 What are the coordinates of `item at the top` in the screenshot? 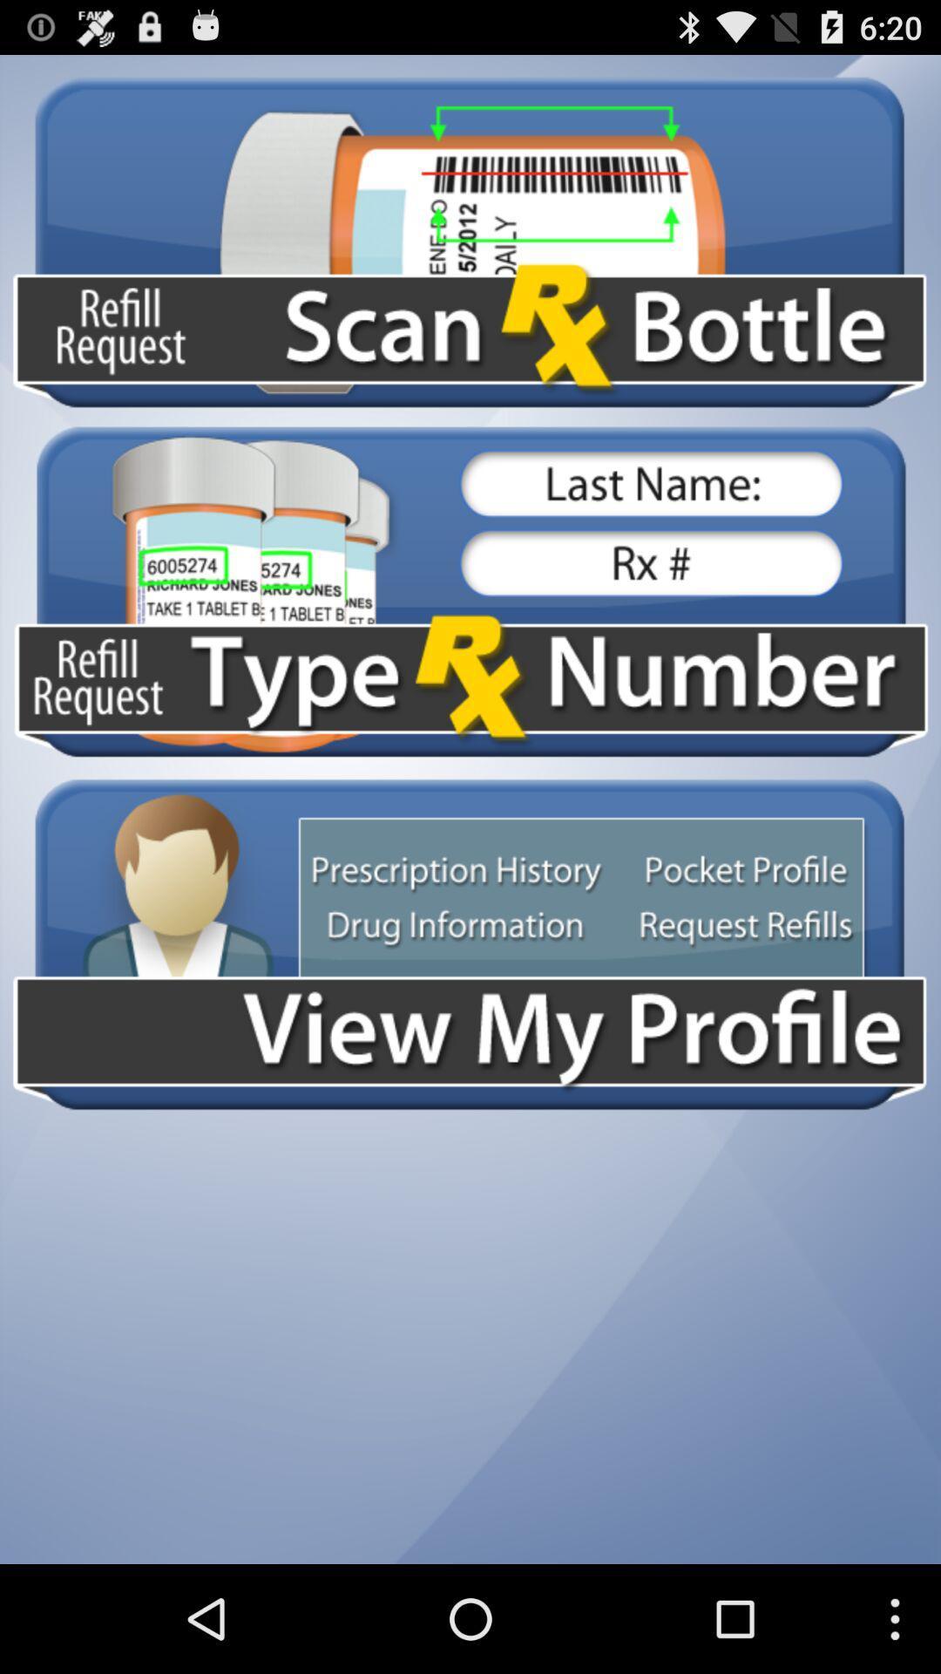 It's located at (470, 241).